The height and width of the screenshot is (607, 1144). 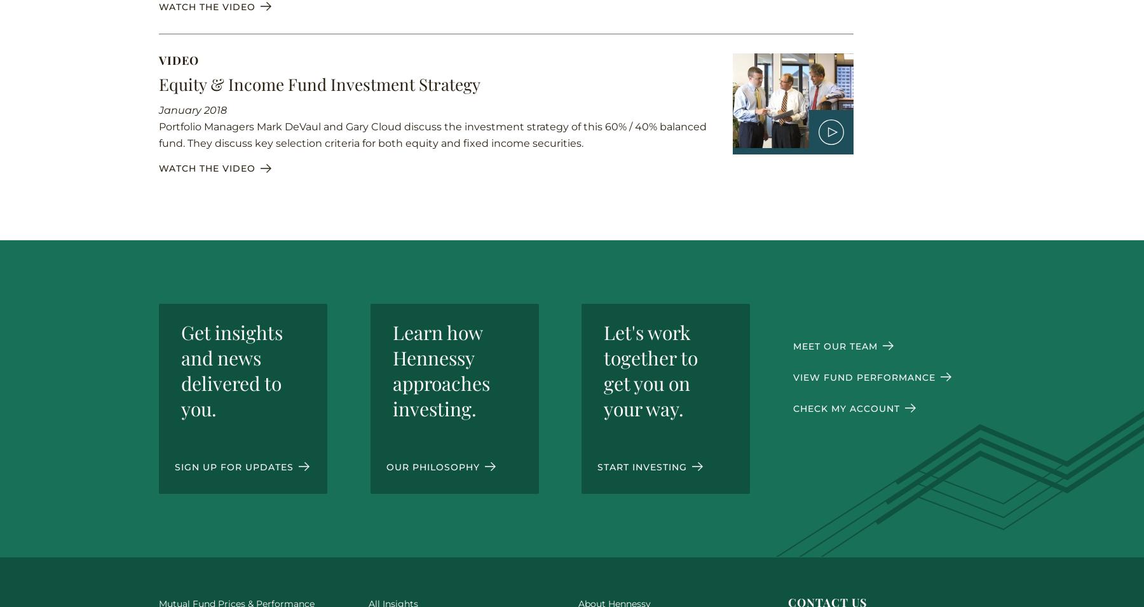 What do you see at coordinates (432, 134) in the screenshot?
I see `'Portfolio Managers Mark DeVaul and Gary Cloud discuss the investment strategy of this 60% / 40% balanced fund. They discuss key selection criteria for both equity and fixed income securities.'` at bounding box center [432, 134].